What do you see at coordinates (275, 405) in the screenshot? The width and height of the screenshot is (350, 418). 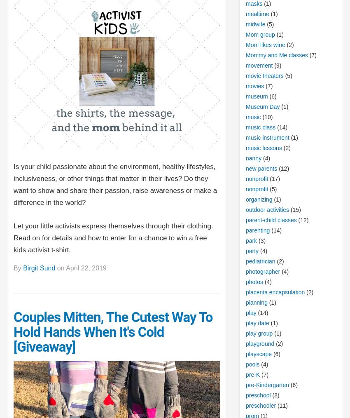 I see `'(11)'` at bounding box center [275, 405].